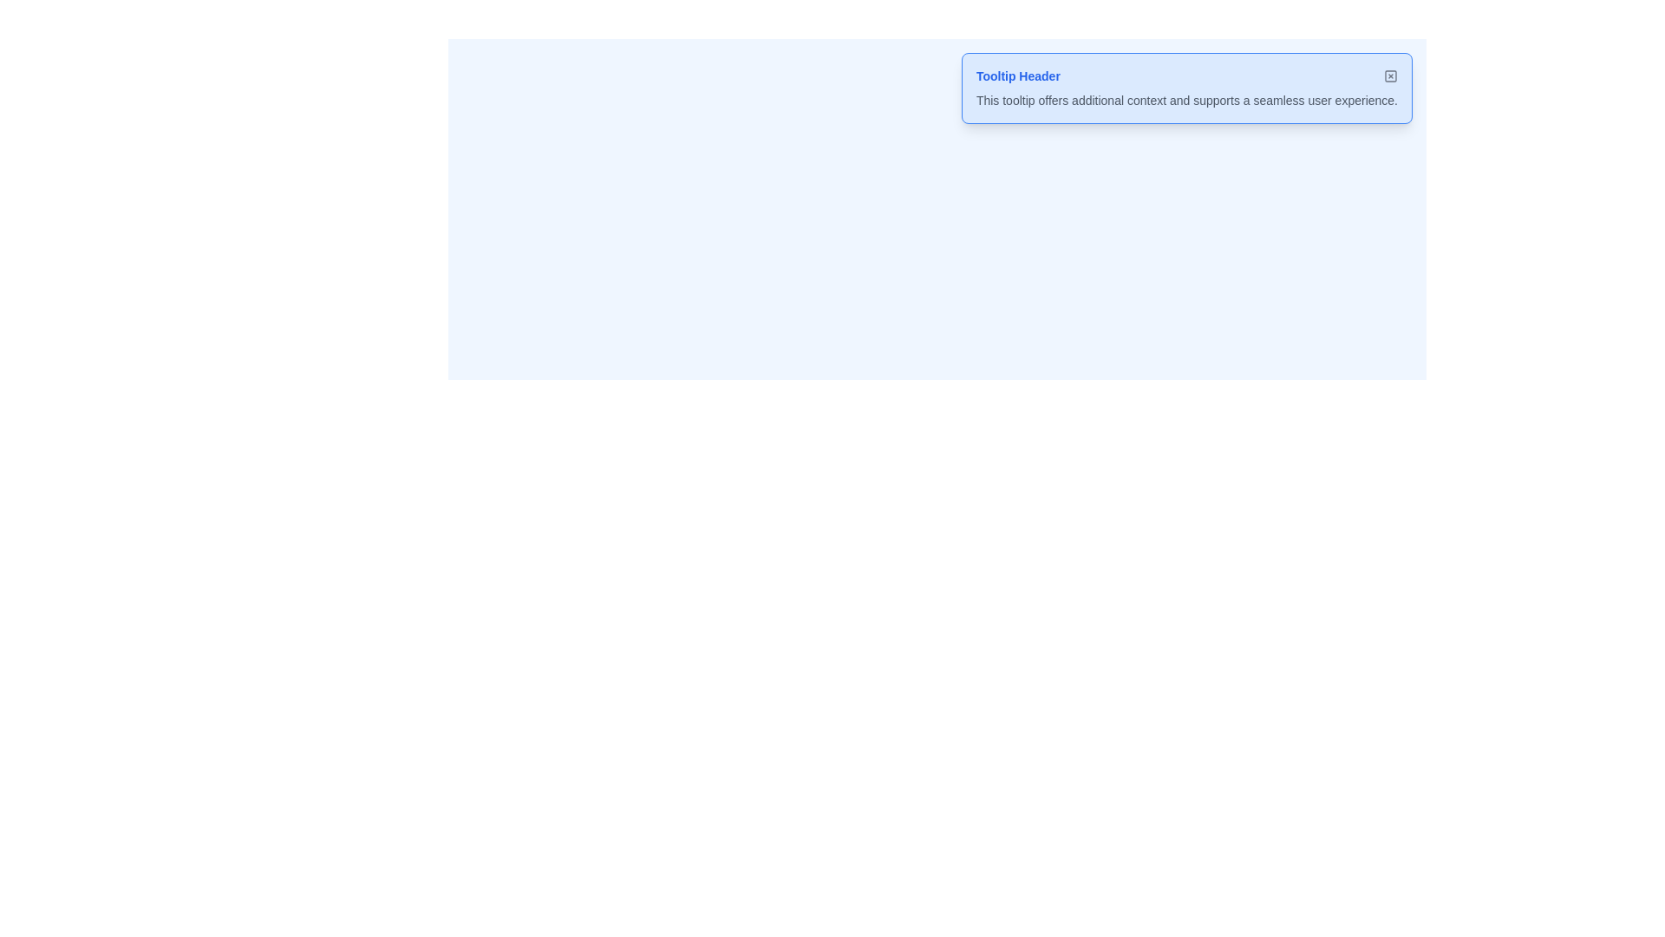  Describe the element at coordinates (1185, 100) in the screenshot. I see `the static text content located beneath the 'Tooltip Header' within the tooltip component` at that location.